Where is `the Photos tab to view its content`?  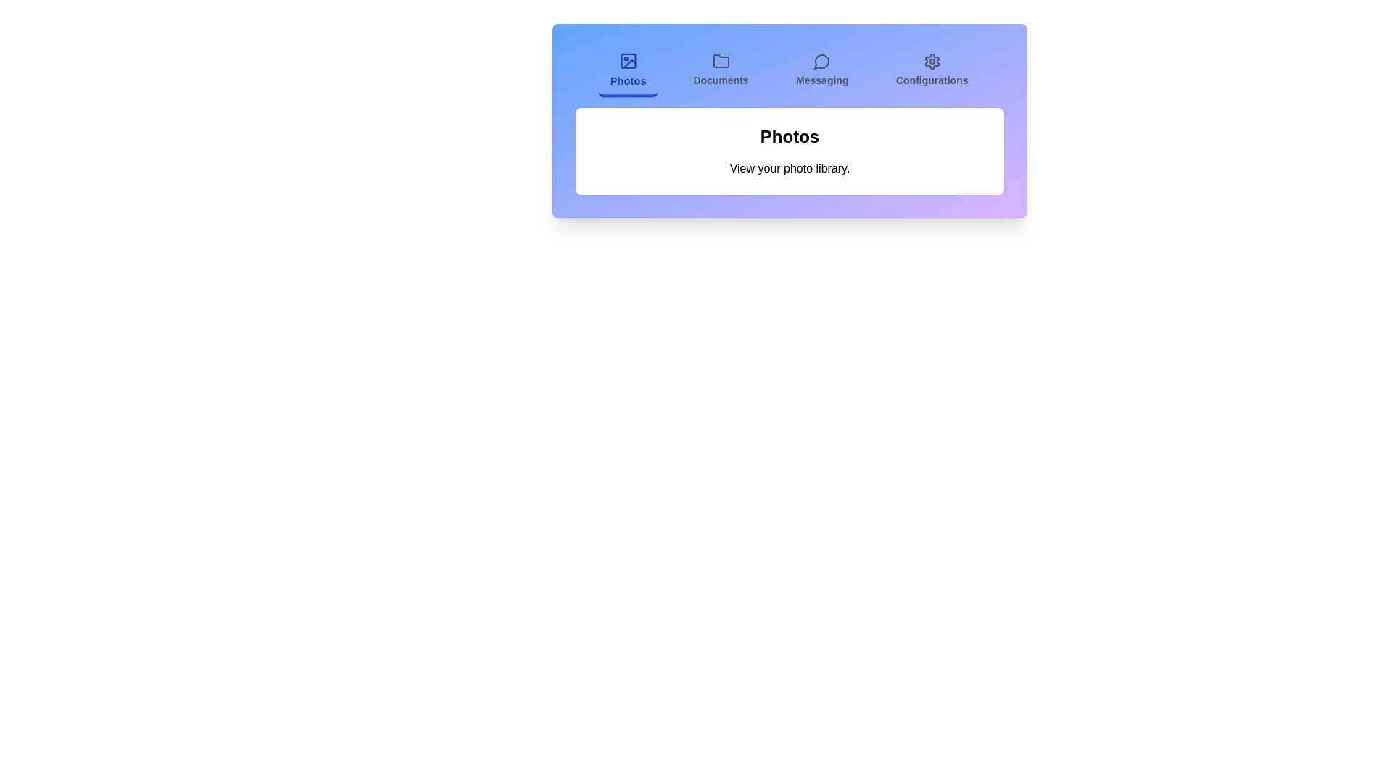 the Photos tab to view its content is located at coordinates (629, 72).